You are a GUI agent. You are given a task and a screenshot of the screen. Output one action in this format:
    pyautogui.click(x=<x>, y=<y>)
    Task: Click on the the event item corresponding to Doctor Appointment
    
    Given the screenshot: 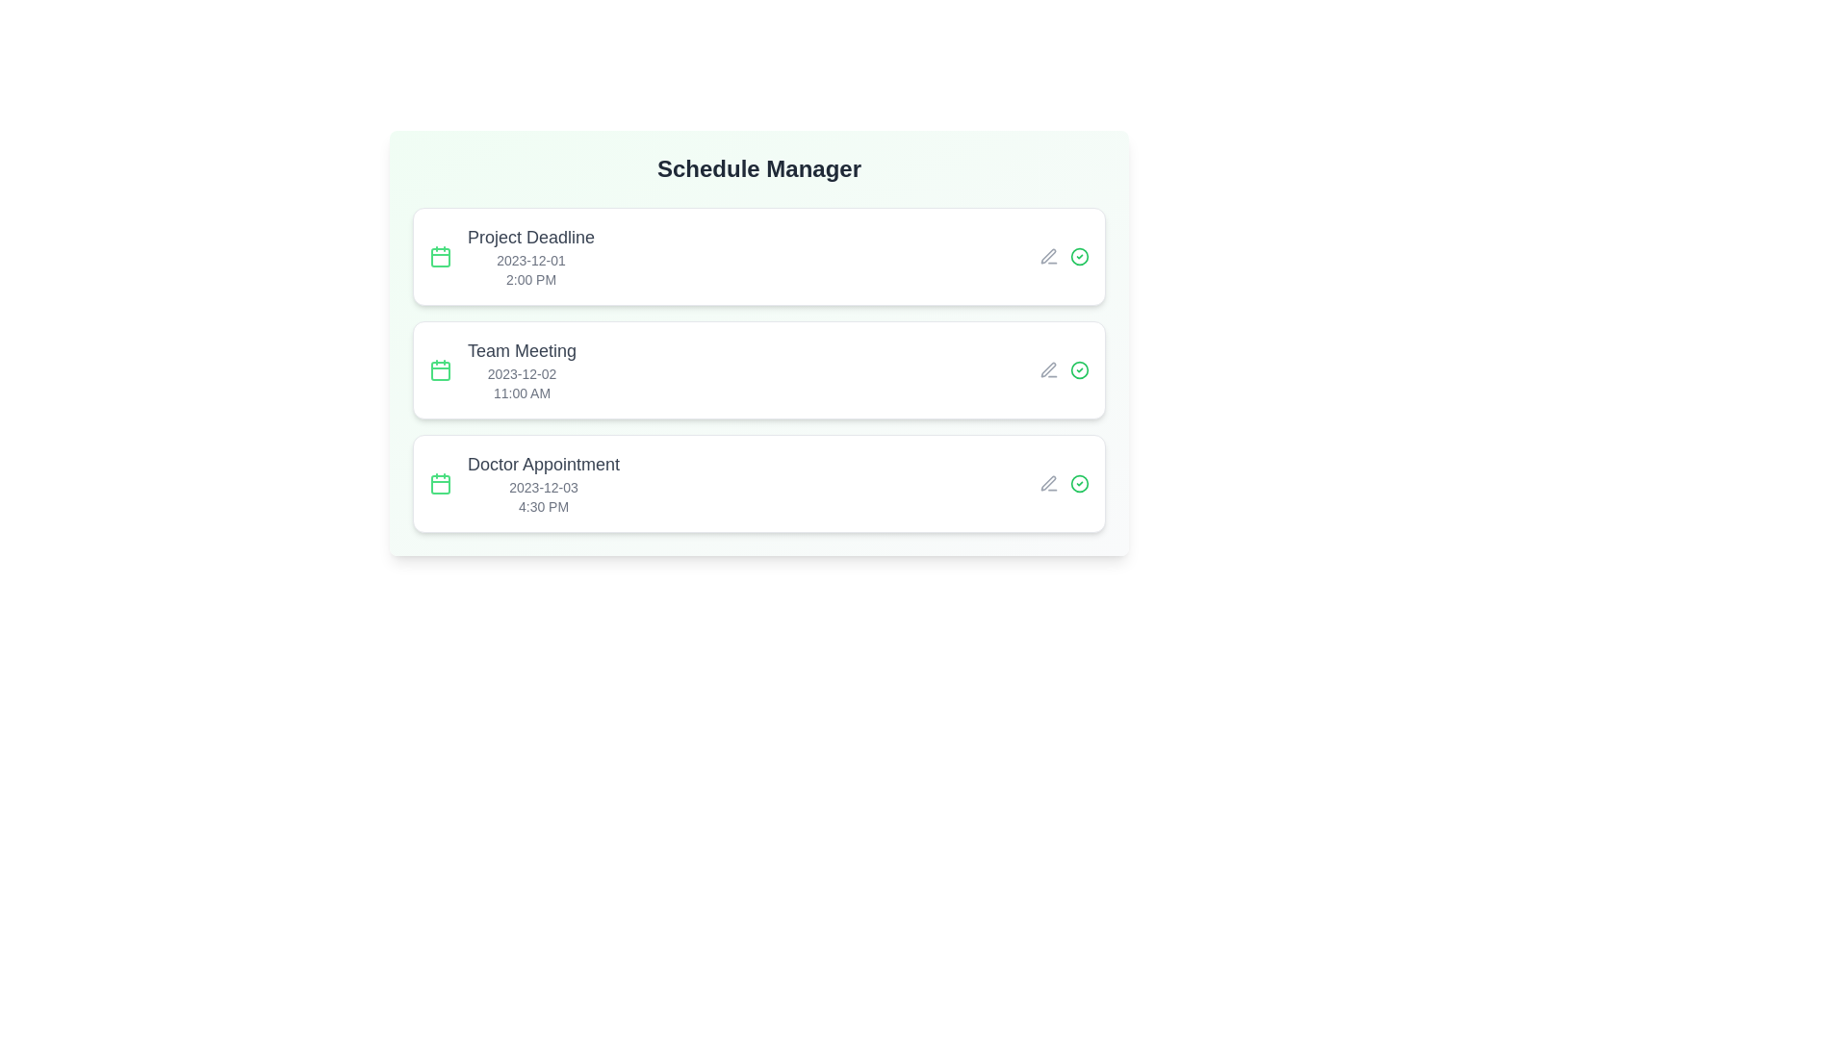 What is the action you would take?
    pyautogui.click(x=757, y=482)
    